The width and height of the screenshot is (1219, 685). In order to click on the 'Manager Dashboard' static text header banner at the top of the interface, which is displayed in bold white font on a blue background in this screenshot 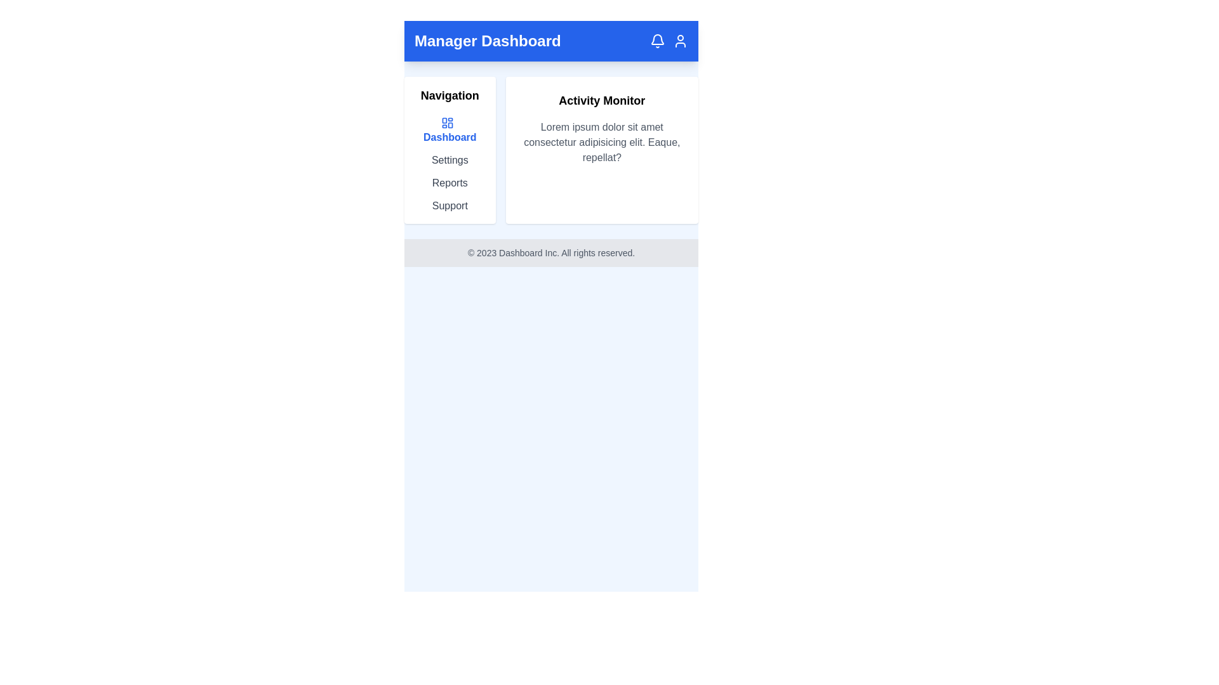, I will do `click(551, 41)`.